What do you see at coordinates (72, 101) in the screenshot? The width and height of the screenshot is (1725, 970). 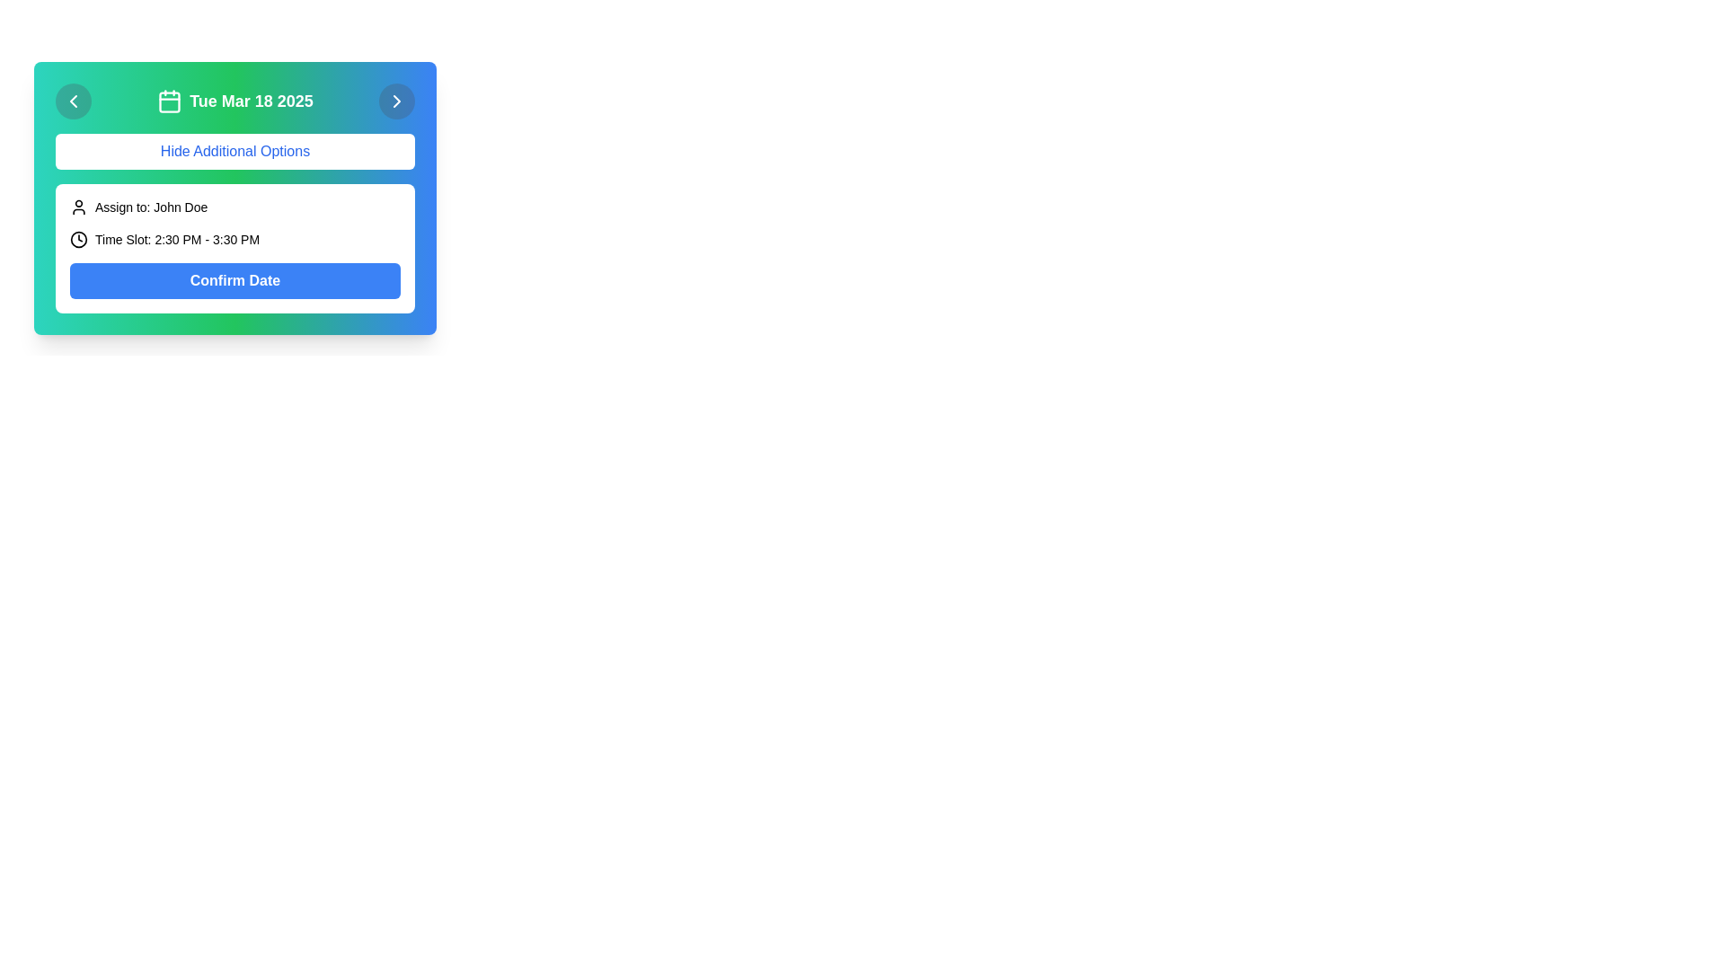 I see `the circular button with a semi-transparent dark gray background and a left-pointing chevron icon` at bounding box center [72, 101].